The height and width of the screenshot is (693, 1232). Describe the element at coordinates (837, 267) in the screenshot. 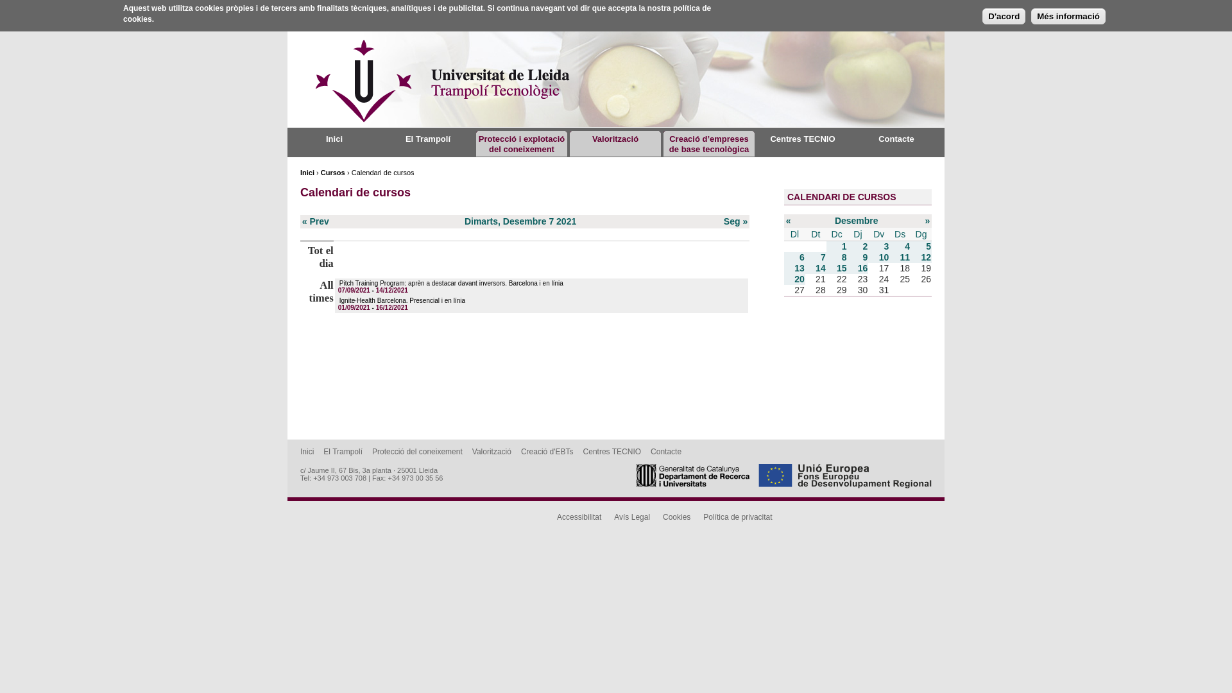

I see `'15'` at that location.